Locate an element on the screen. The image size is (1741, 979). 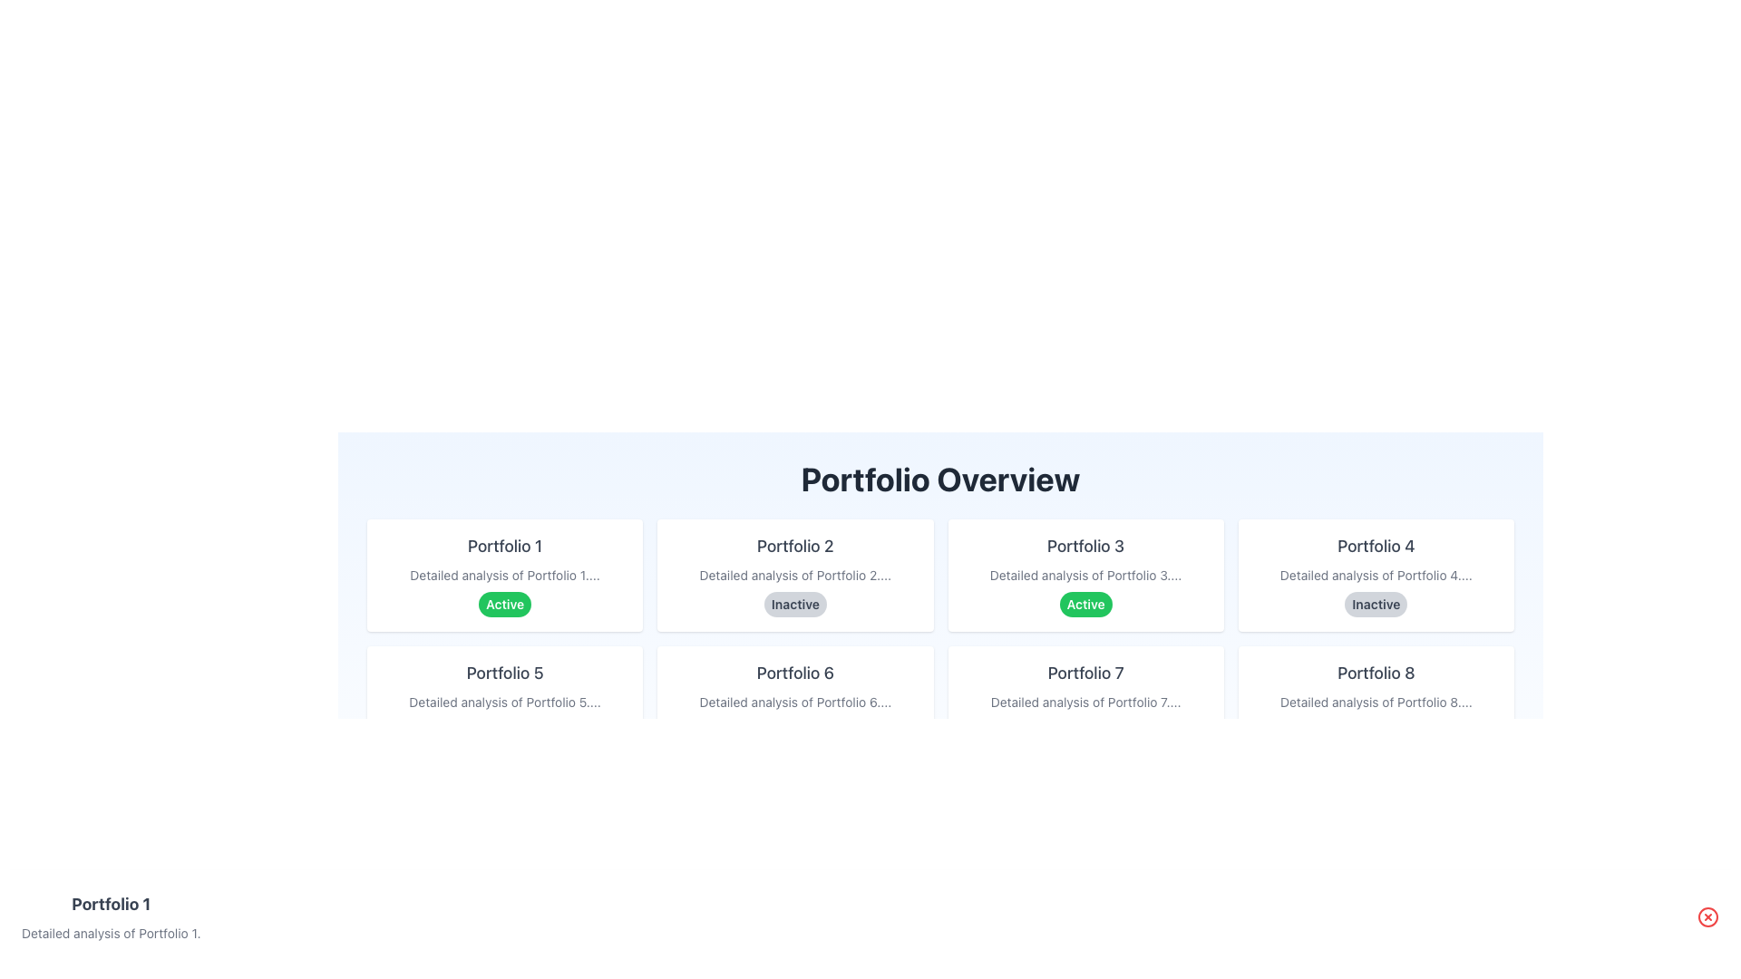
the descriptive text component located beneath the title 'Portfolio 8' in the bottom-right panel of the grid layout, which provides a summary about the 'Portfolio 8' item is located at coordinates (1376, 702).